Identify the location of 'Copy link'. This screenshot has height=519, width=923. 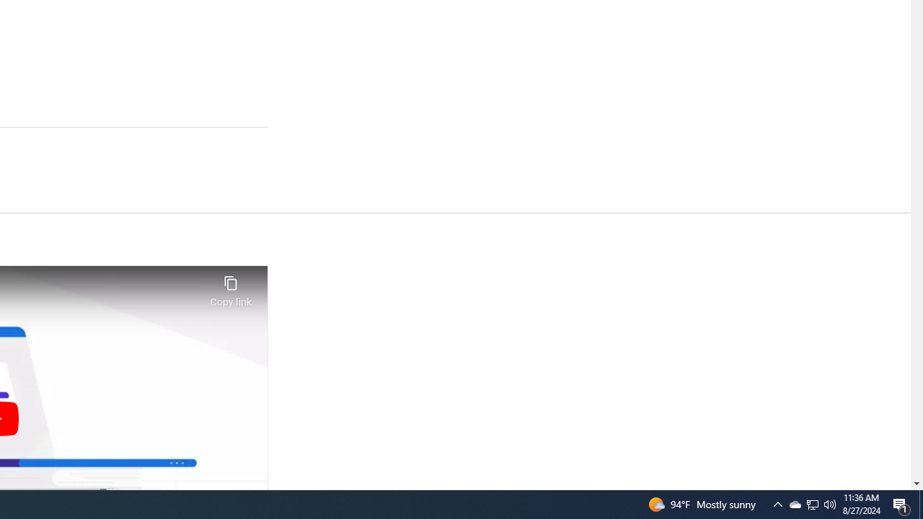
(231, 287).